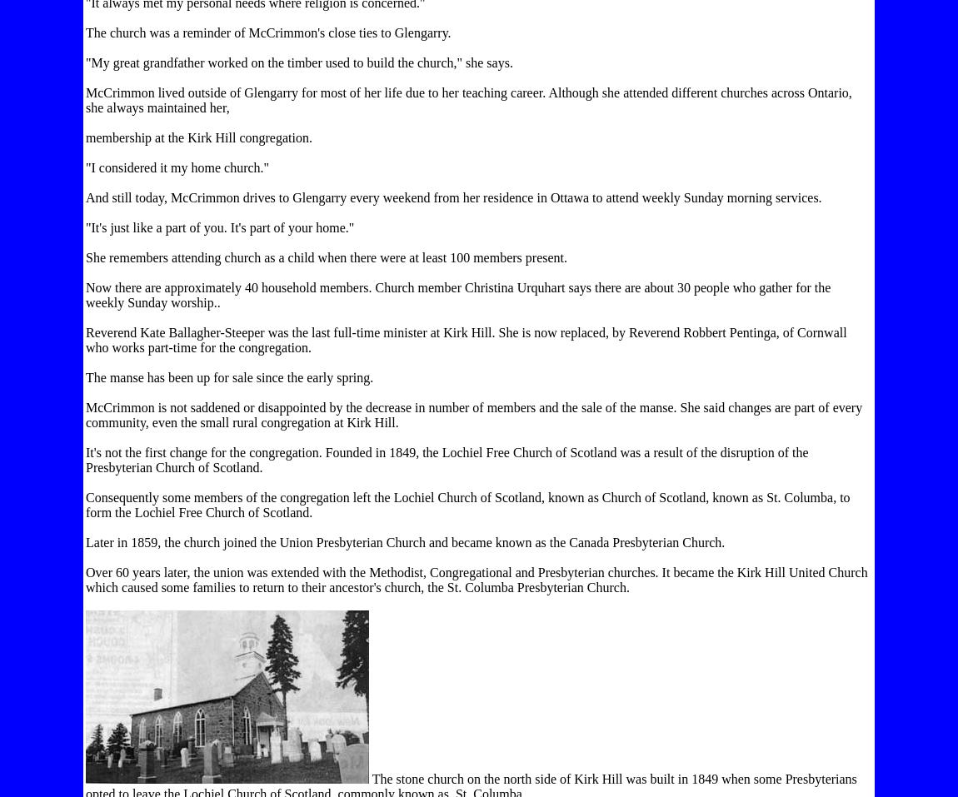 Image resolution: width=958 pixels, height=797 pixels. I want to click on 'membership at the Kirk Hill congregation.', so click(197, 137).